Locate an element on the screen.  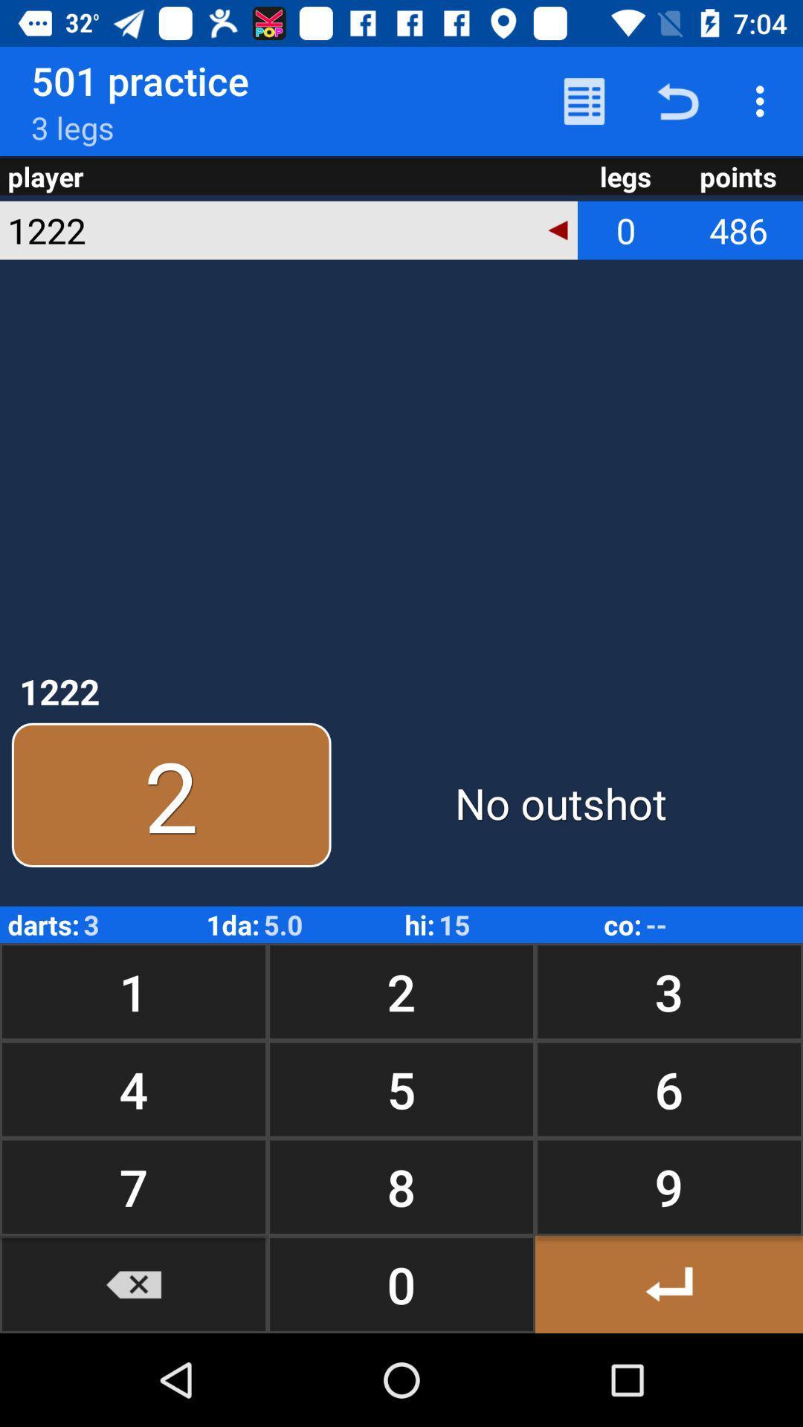
item next to 8 icon is located at coordinates (668, 1284).